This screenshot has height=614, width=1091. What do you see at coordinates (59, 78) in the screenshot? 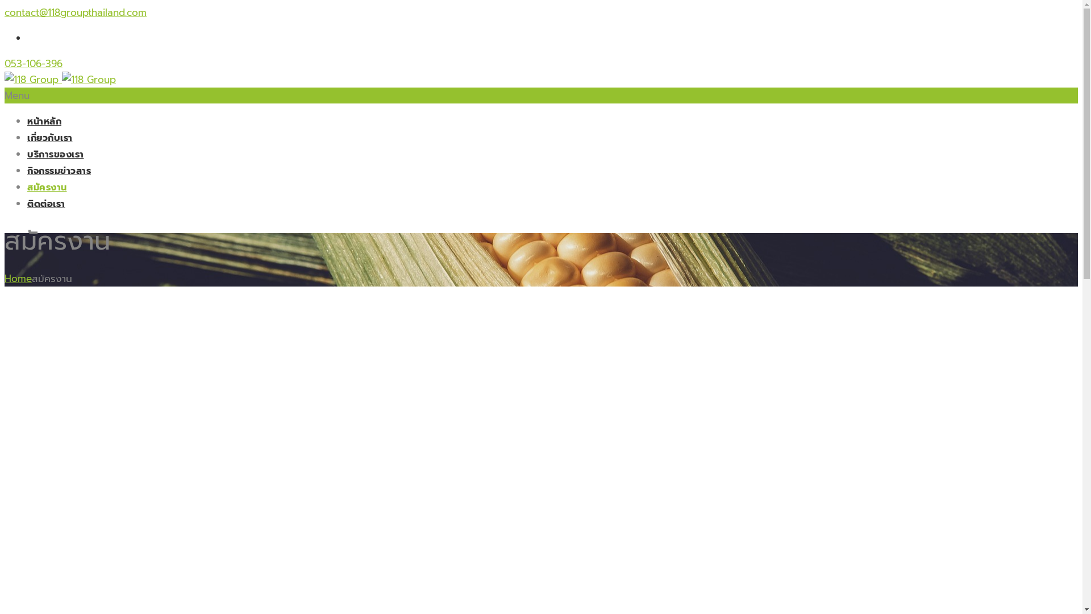
I see `'118 Group'` at bounding box center [59, 78].